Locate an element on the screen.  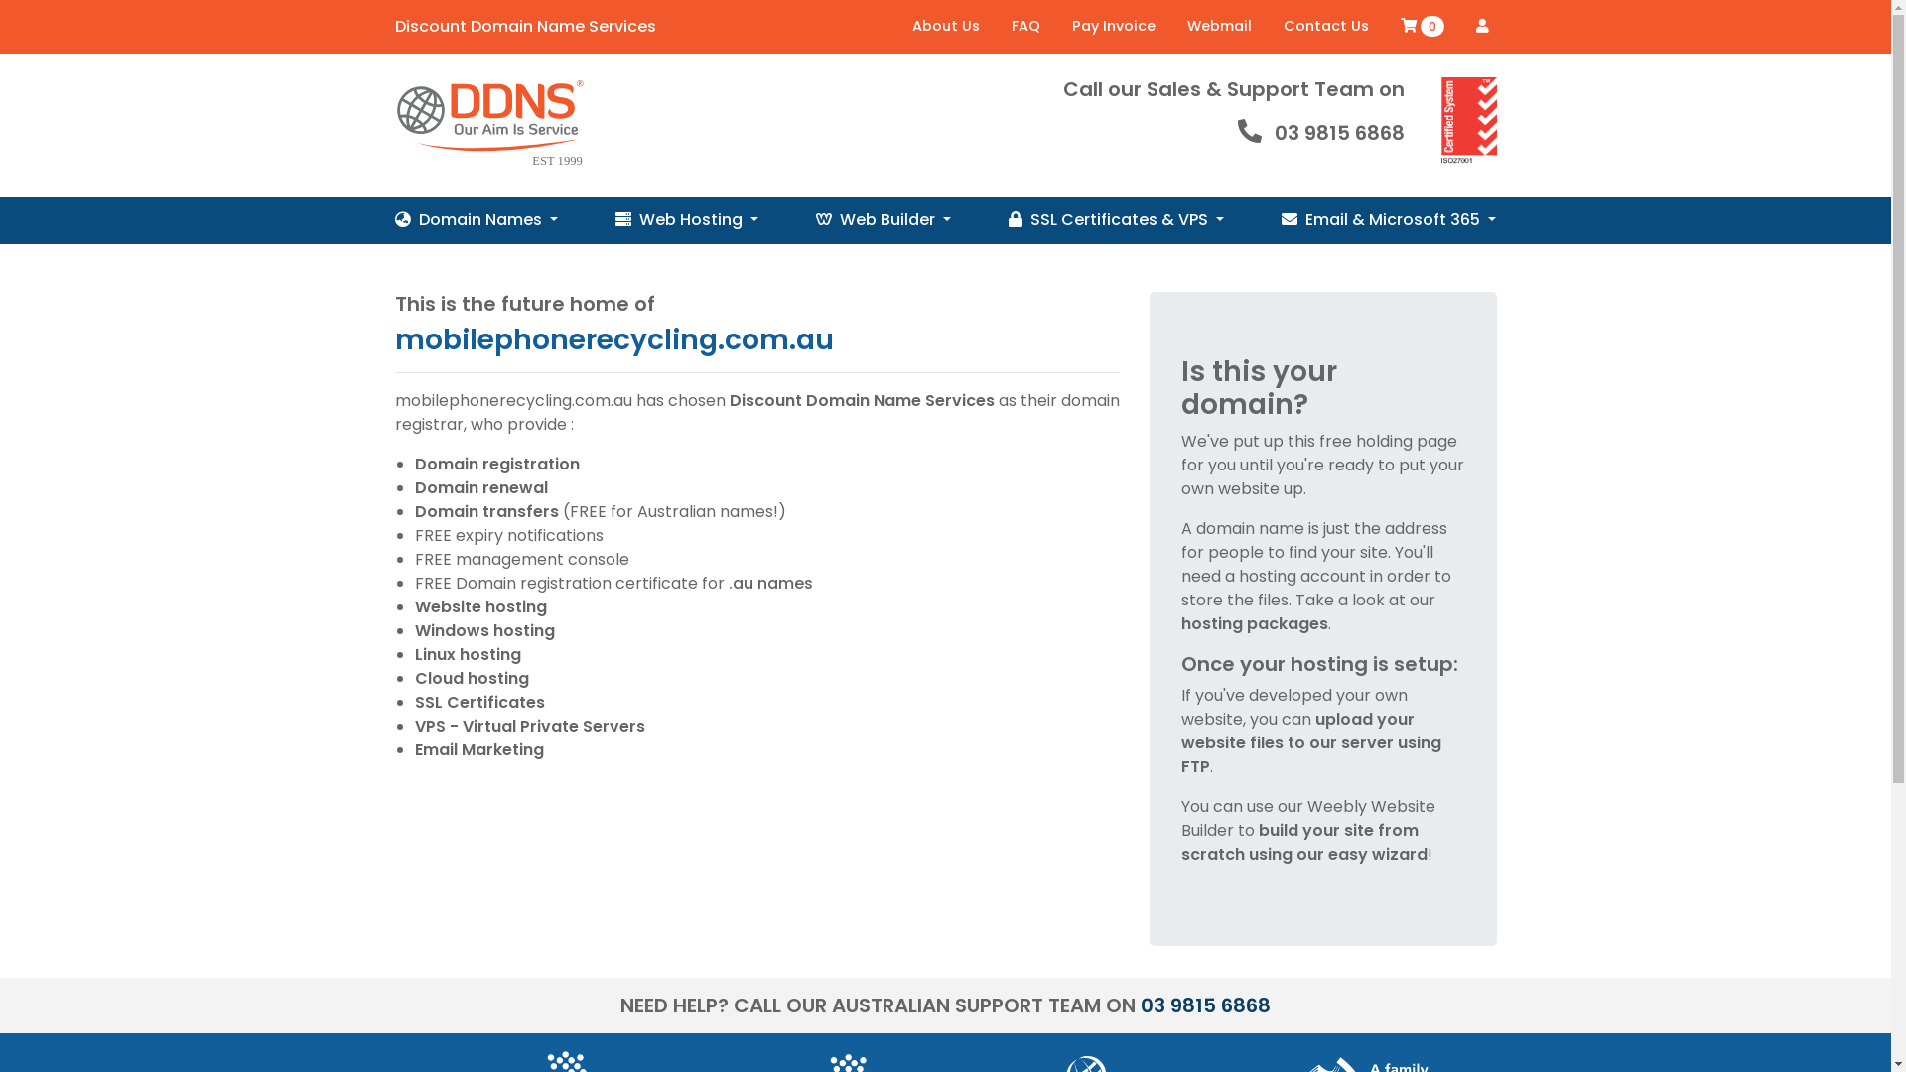
'Domain renewal' is located at coordinates (480, 487).